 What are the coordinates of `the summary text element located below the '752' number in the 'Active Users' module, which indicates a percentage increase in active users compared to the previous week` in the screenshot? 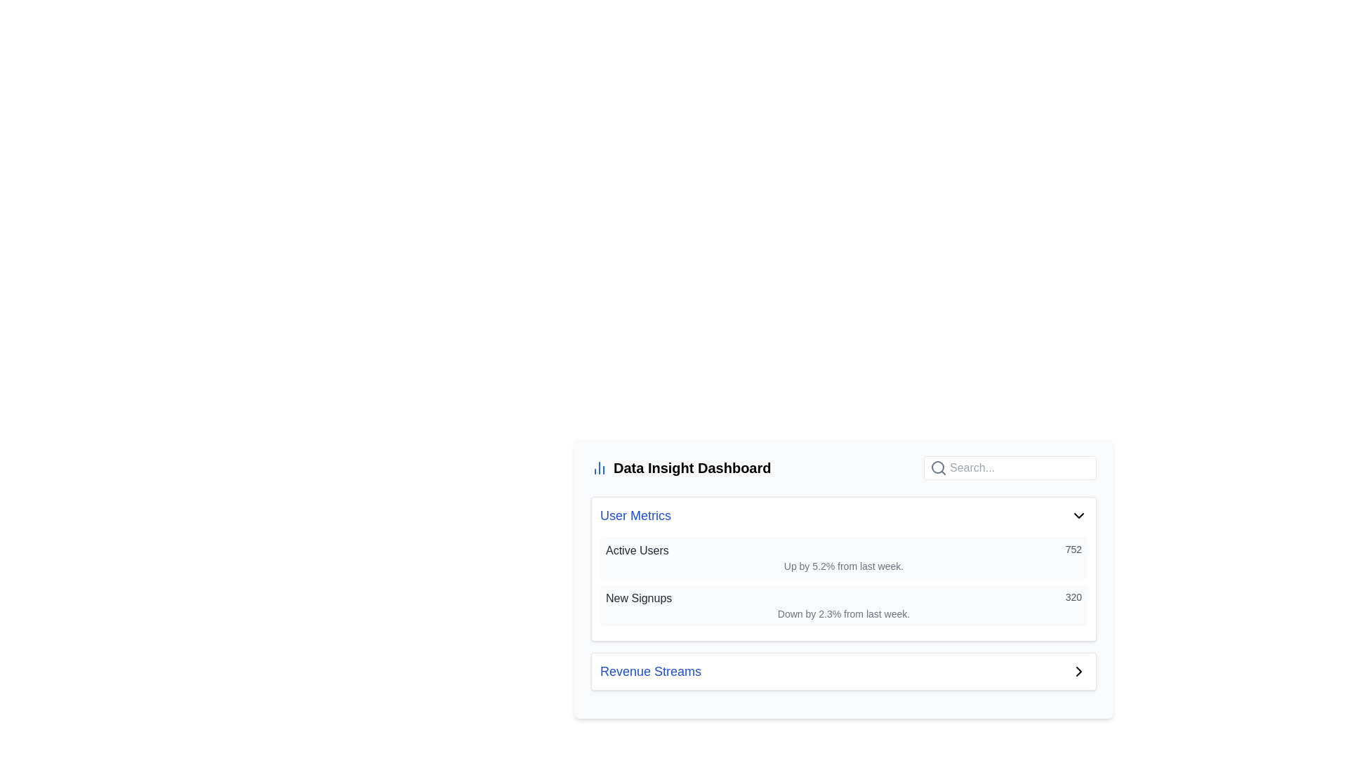 It's located at (842, 565).